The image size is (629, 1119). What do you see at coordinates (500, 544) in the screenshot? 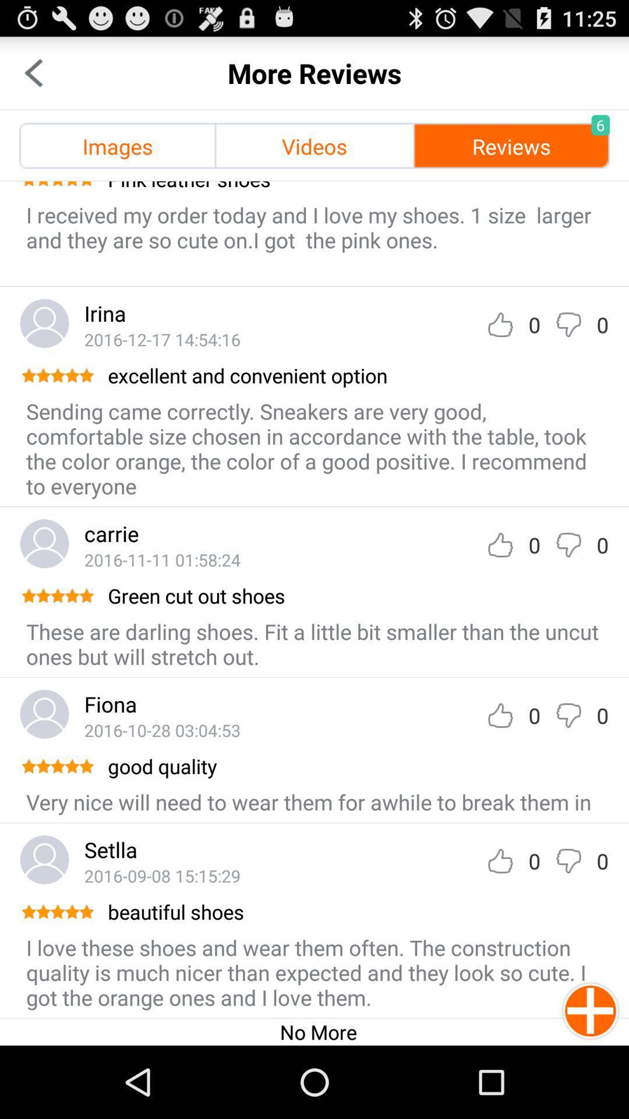
I see `like the review` at bounding box center [500, 544].